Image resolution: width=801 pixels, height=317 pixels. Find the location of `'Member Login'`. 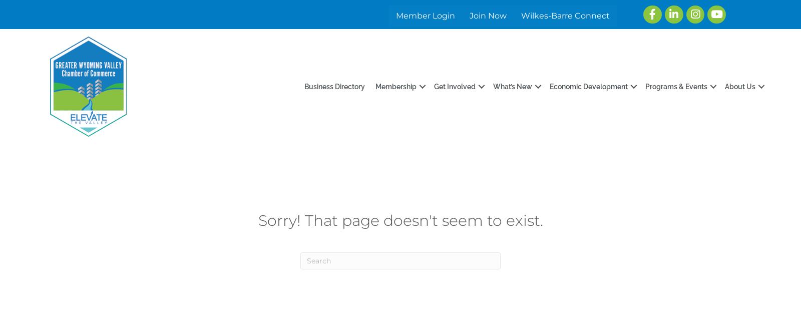

'Member Login' is located at coordinates (425, 15).